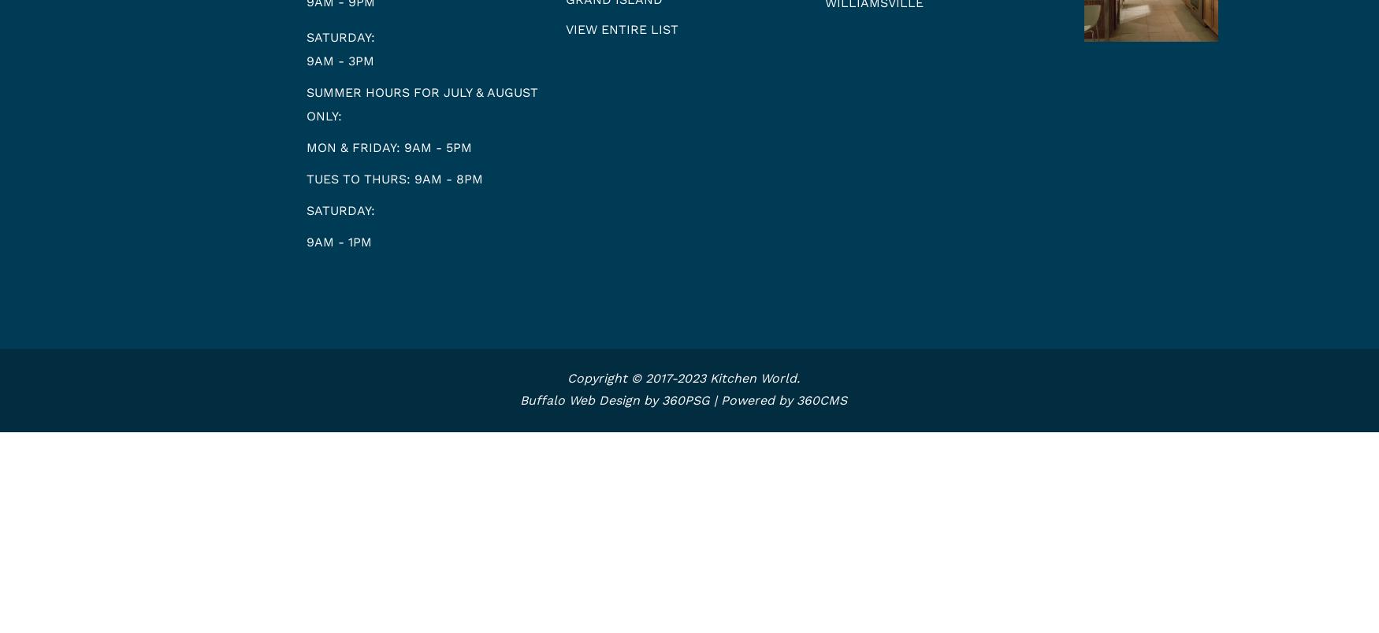 The image size is (1379, 633). What do you see at coordinates (388, 146) in the screenshot?
I see `'Mon & Friday: 9am - 5pm'` at bounding box center [388, 146].